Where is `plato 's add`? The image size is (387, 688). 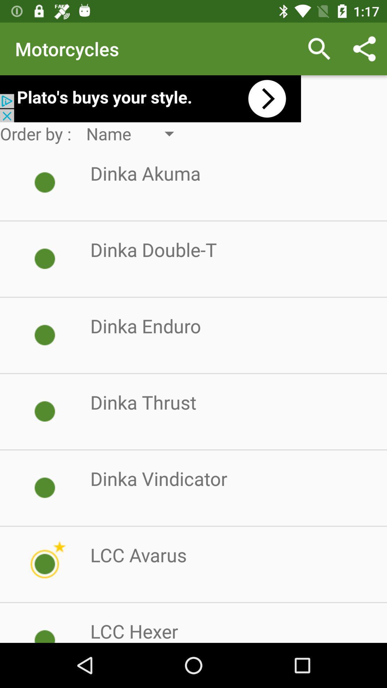
plato 's add is located at coordinates (150, 98).